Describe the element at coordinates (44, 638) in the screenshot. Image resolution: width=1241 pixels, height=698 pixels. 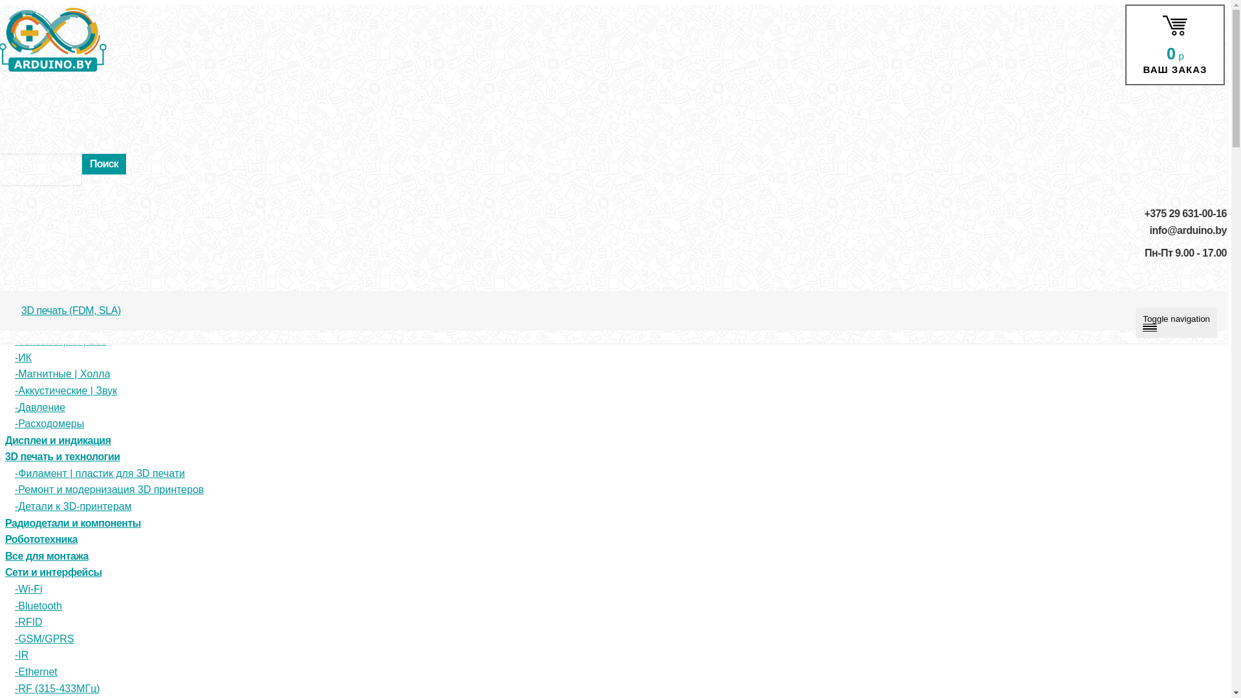
I see `'GSM/GPRS'` at that location.